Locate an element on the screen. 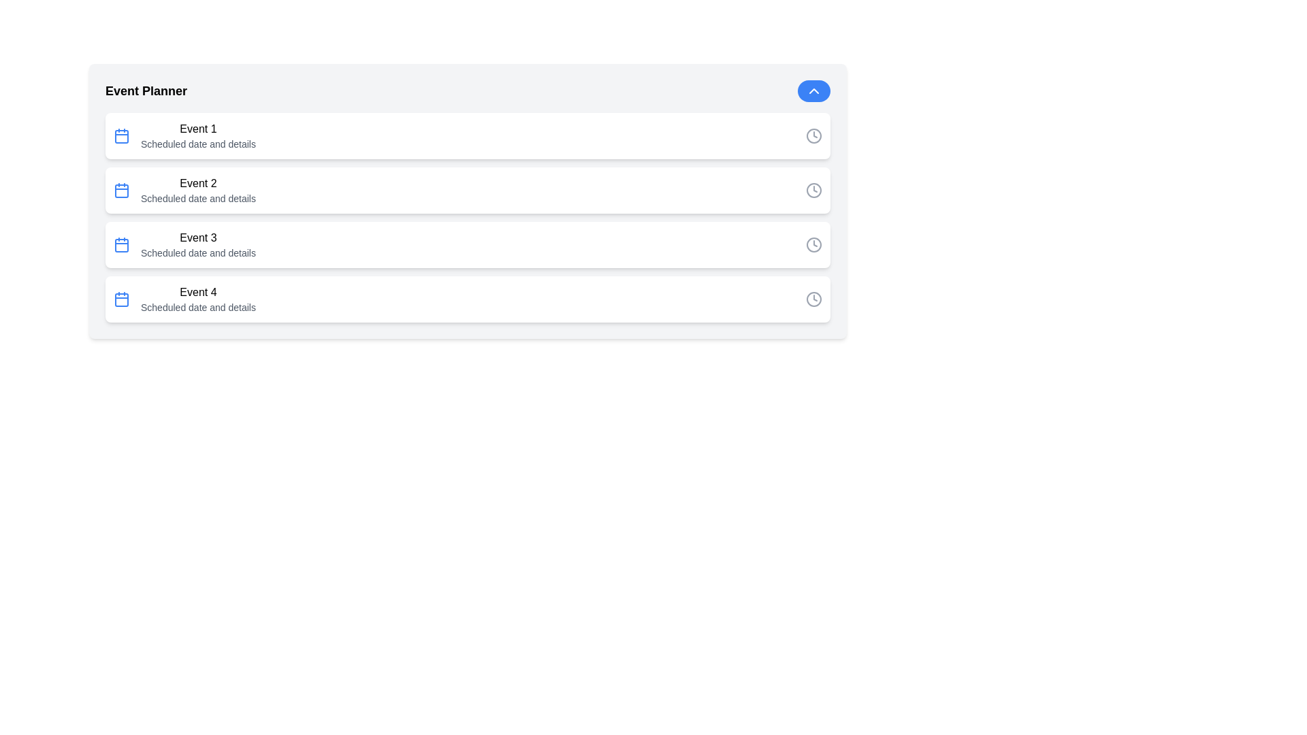 Image resolution: width=1307 pixels, height=735 pixels. the text label reading 'Scheduled date and details', which is located directly under the title 'Event 2' in the structured list of events is located at coordinates (197, 199).